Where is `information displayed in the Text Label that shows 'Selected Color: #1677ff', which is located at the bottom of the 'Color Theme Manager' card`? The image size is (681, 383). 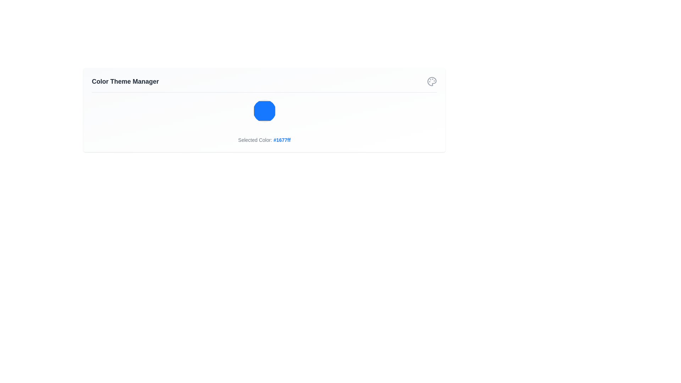
information displayed in the Text Label that shows 'Selected Color: #1677ff', which is located at the bottom of the 'Color Theme Manager' card is located at coordinates (264, 140).